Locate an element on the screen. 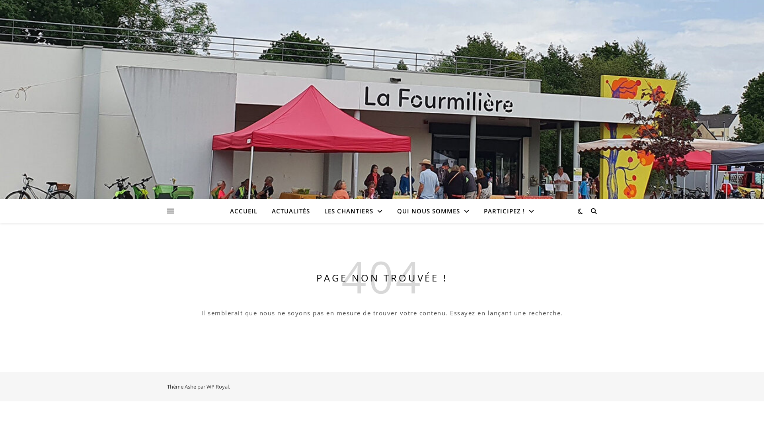  'ACCUEIL' is located at coordinates (246, 210).